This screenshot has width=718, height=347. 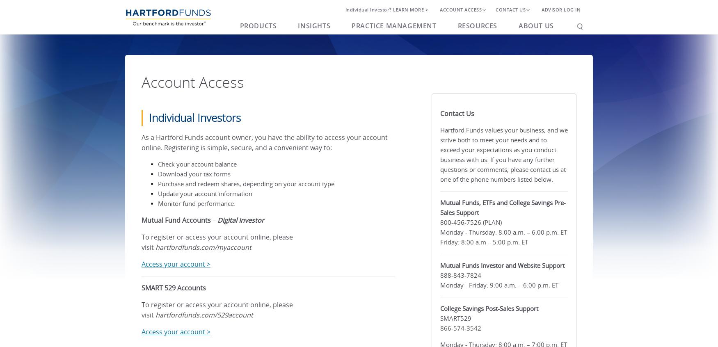 I want to click on 'Monday - Thursday: 8:00 a.m. – 6:00 p.m. ET', so click(x=503, y=231).